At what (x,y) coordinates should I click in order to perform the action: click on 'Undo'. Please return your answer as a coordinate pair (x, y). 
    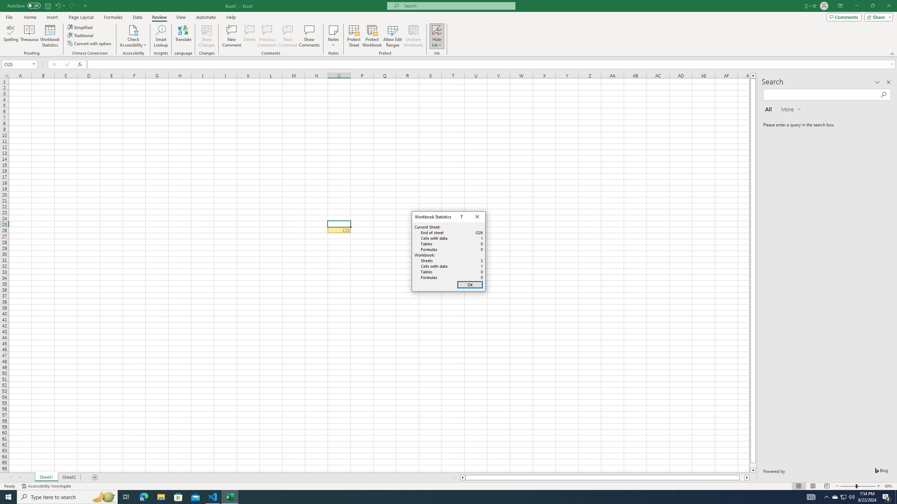
    Looking at the image, I should click on (57, 5).